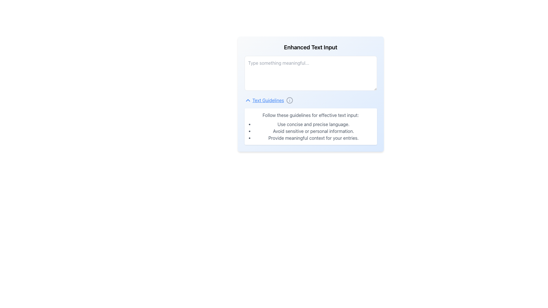 This screenshot has width=548, height=308. Describe the element at coordinates (313, 124) in the screenshot. I see `the first list item stating 'Use concise and precise language.' in the guidelines section` at that location.